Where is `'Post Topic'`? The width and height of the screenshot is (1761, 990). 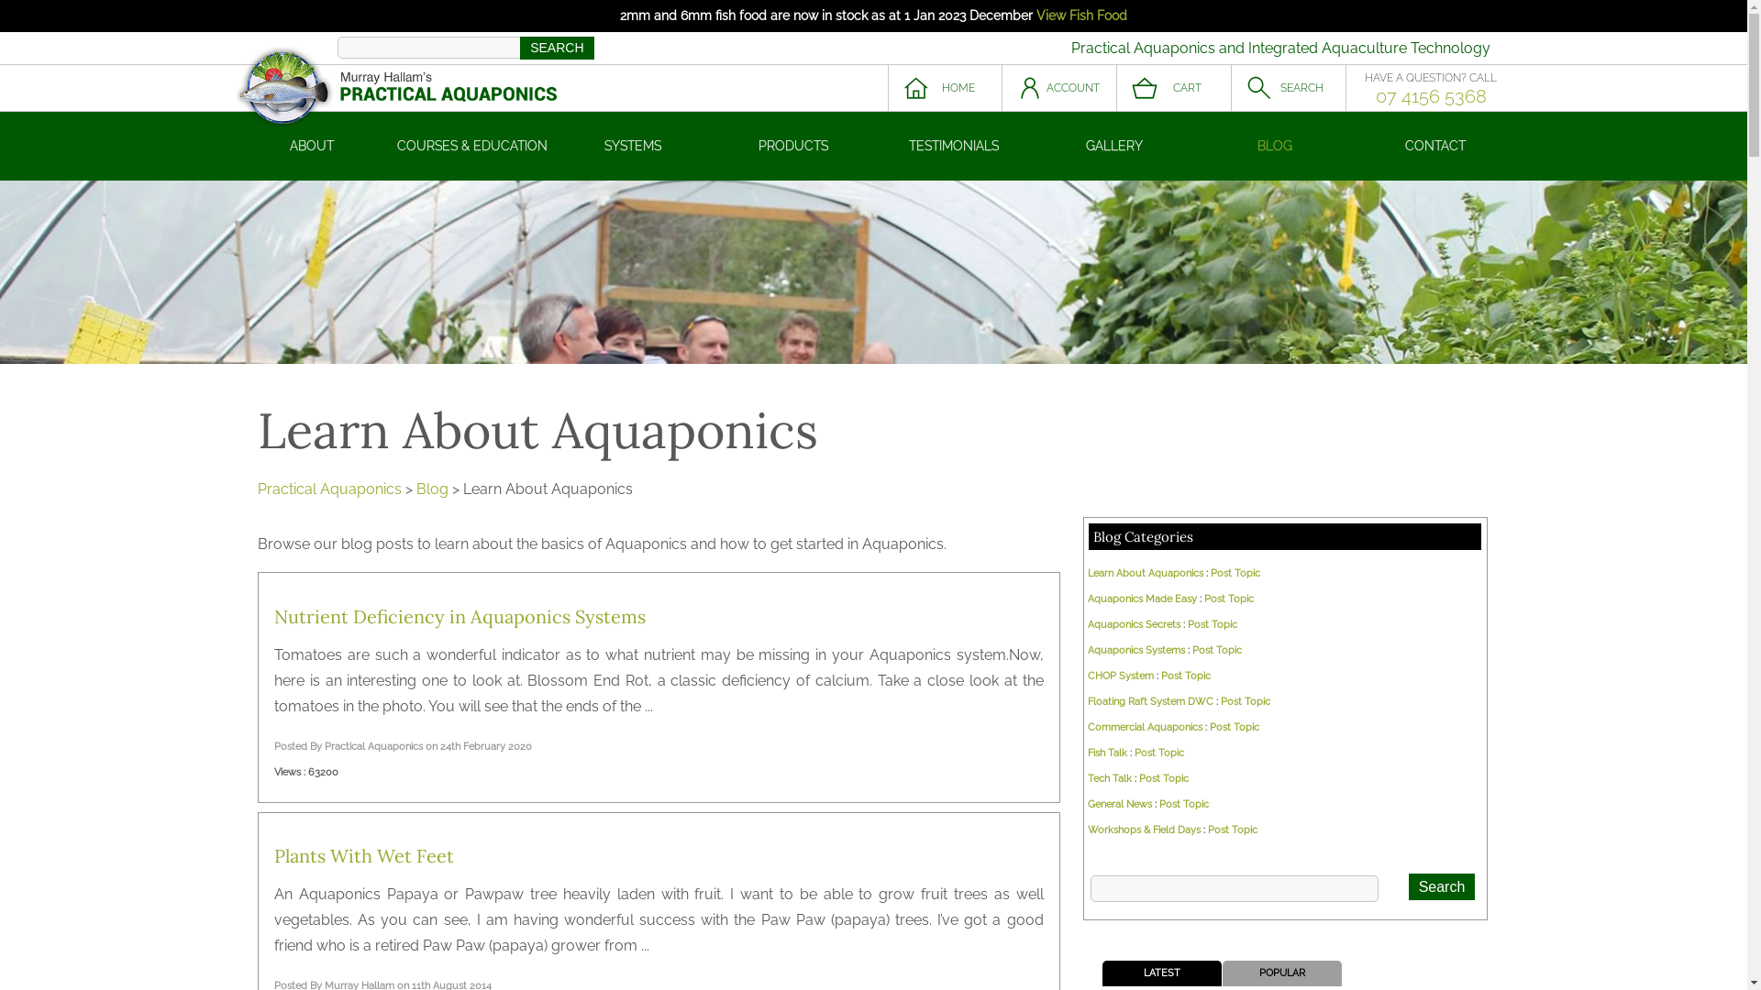 'Post Topic' is located at coordinates (1235, 572).